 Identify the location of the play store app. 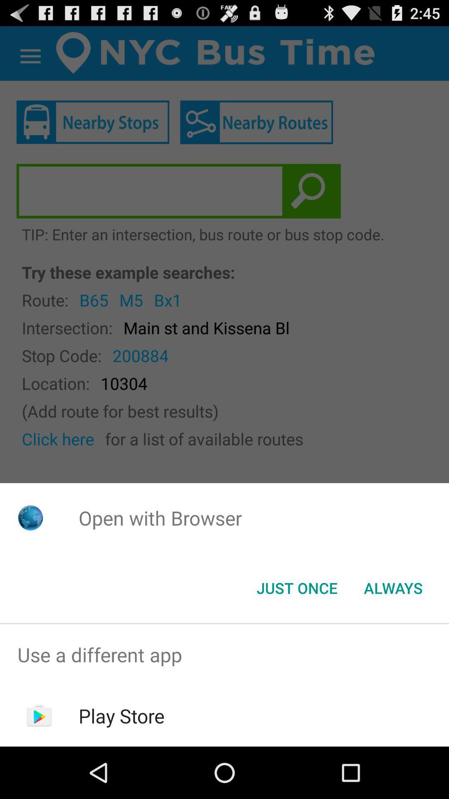
(121, 715).